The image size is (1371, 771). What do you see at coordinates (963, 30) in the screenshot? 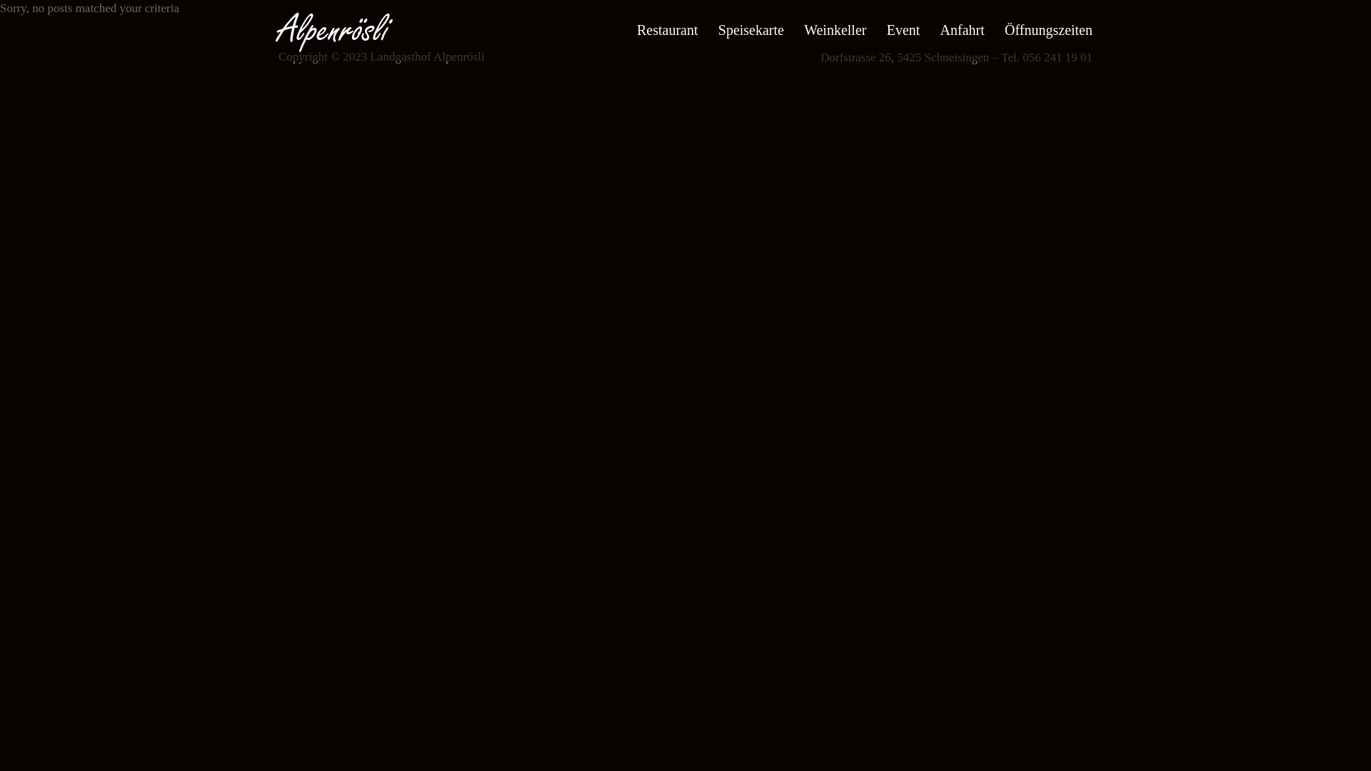
I see `'Anfahrt'` at bounding box center [963, 30].